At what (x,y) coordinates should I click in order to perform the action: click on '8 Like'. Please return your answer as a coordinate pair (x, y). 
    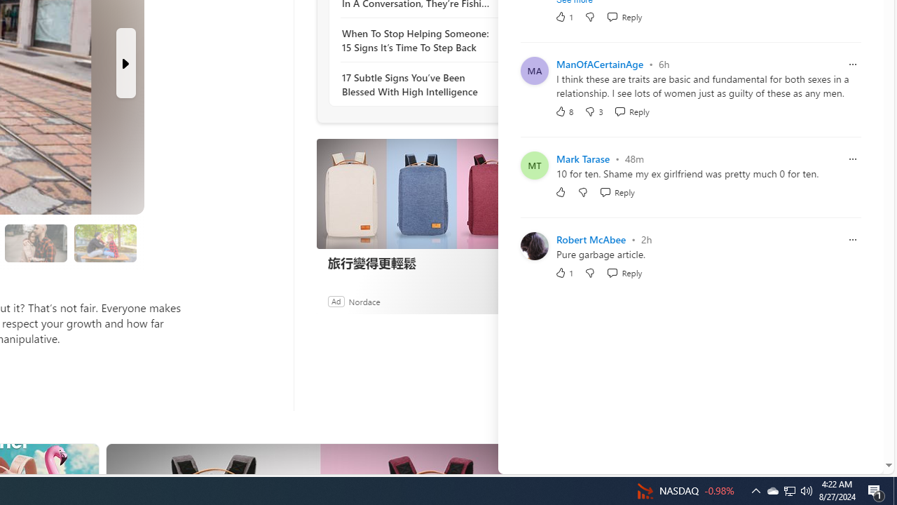
    Looking at the image, I should click on (564, 110).